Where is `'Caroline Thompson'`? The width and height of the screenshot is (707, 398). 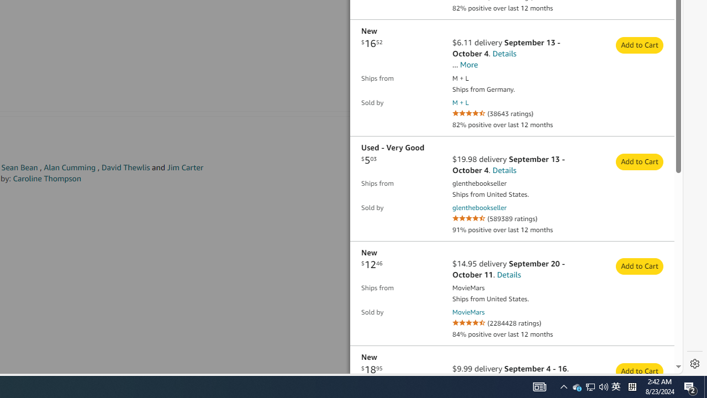
'Caroline Thompson' is located at coordinates (46, 178).